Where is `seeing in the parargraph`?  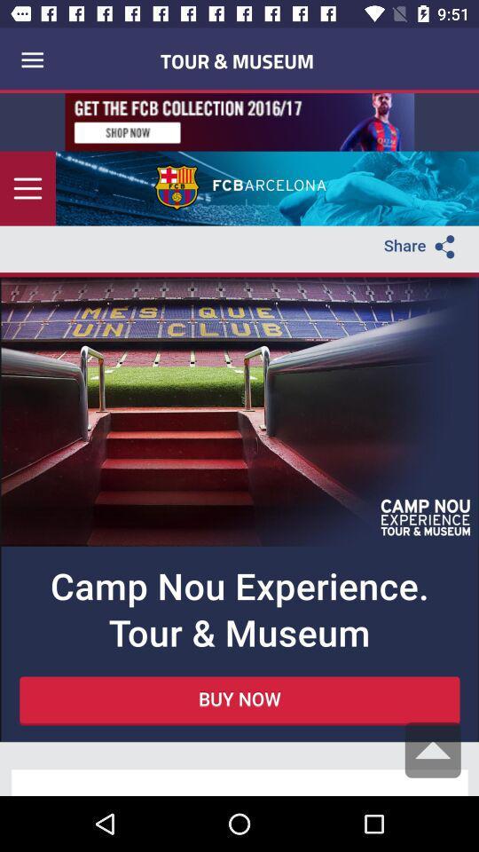 seeing in the parargraph is located at coordinates (239, 444).